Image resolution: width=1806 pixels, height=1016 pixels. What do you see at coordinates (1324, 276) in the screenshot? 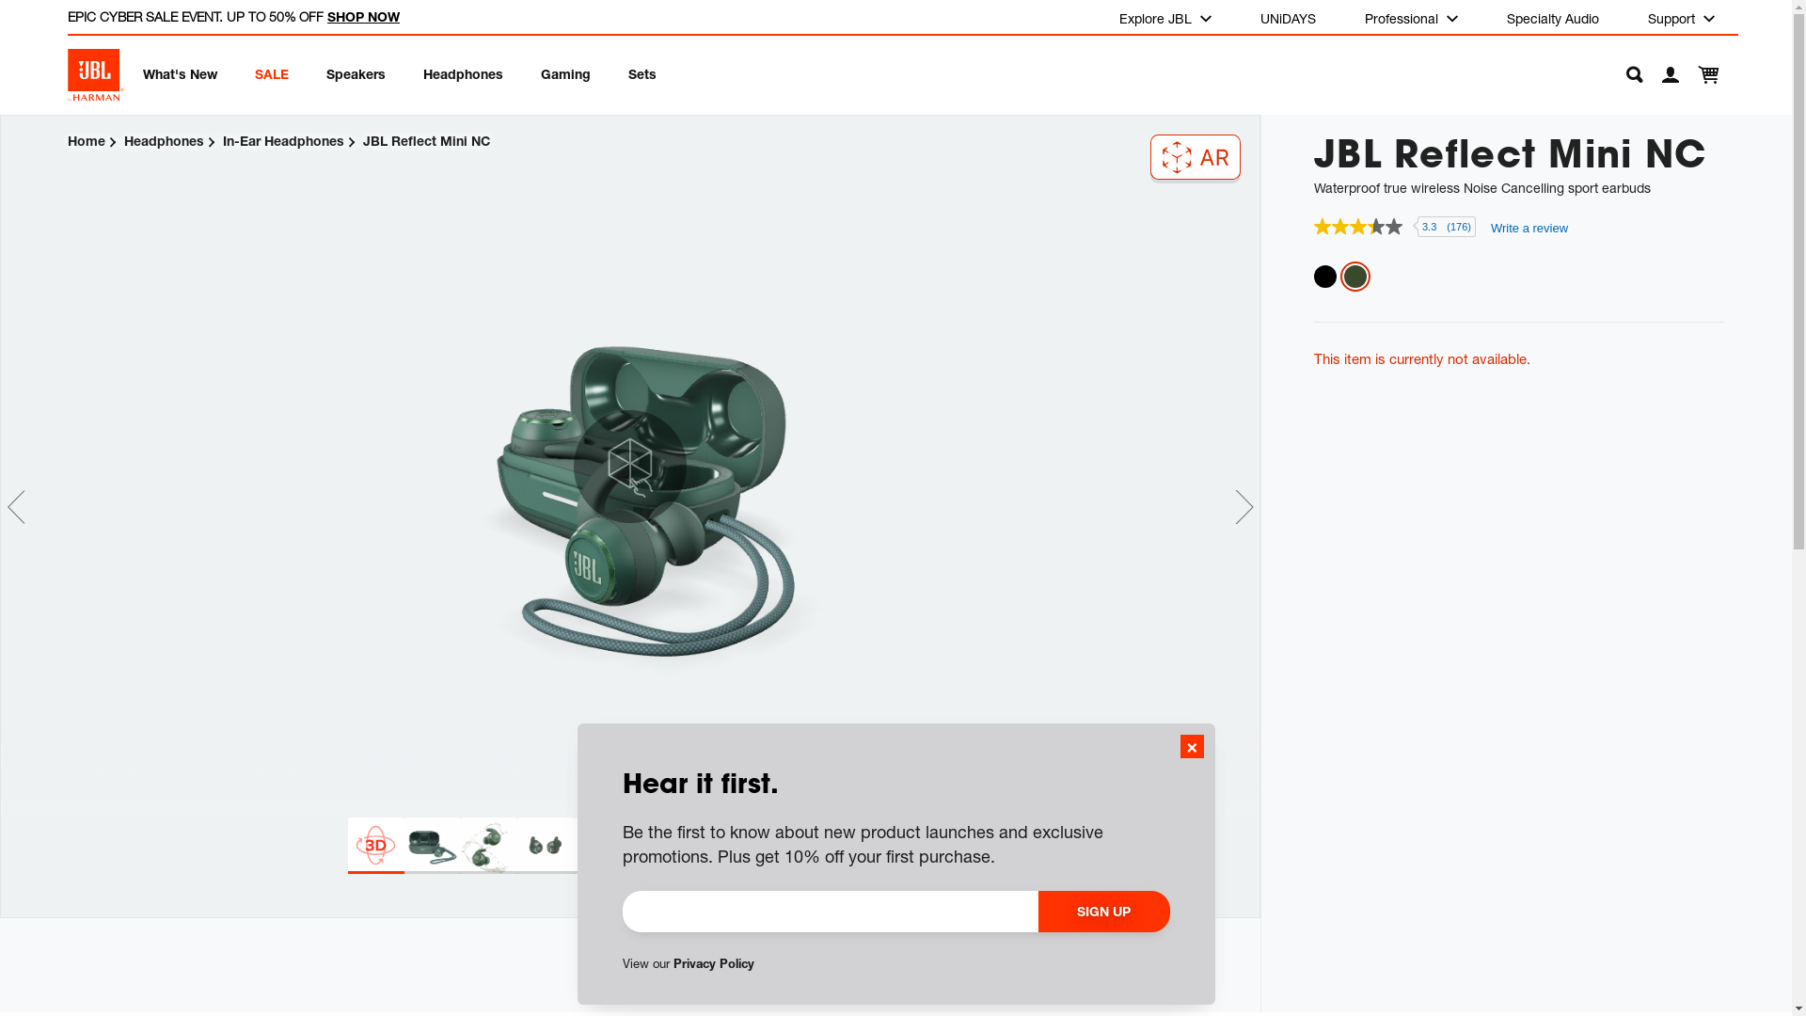
I see `'Black'` at bounding box center [1324, 276].